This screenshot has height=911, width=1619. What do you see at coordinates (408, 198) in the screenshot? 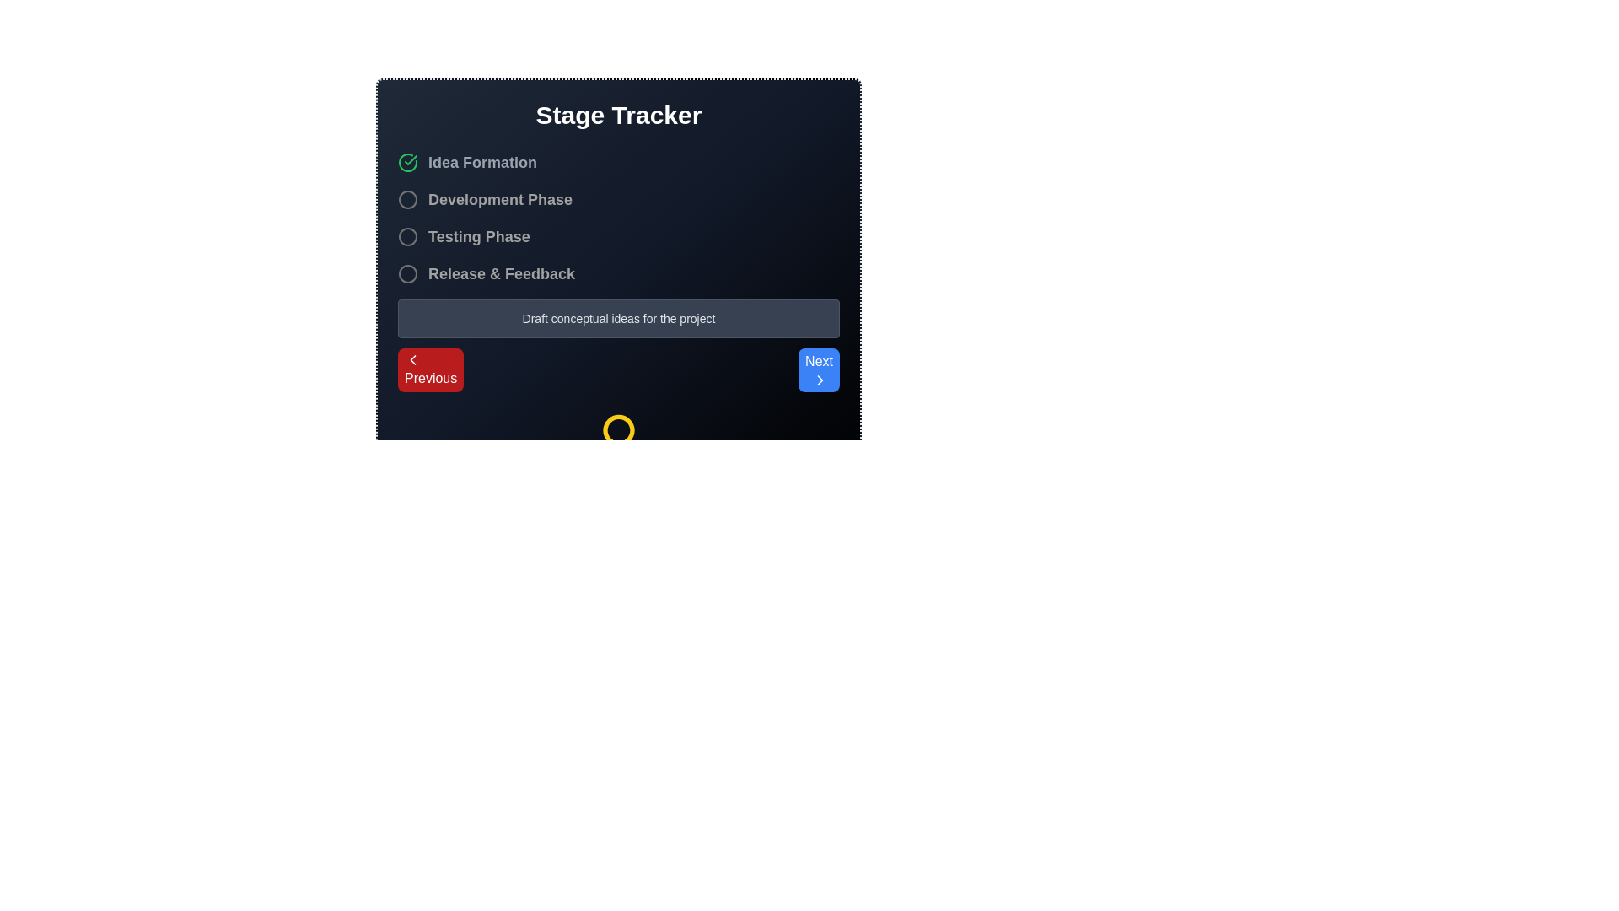
I see `the radio button associated with the 'Development Phase' label` at bounding box center [408, 198].